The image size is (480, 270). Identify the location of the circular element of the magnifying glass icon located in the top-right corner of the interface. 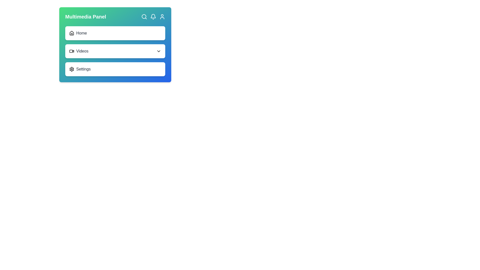
(144, 16).